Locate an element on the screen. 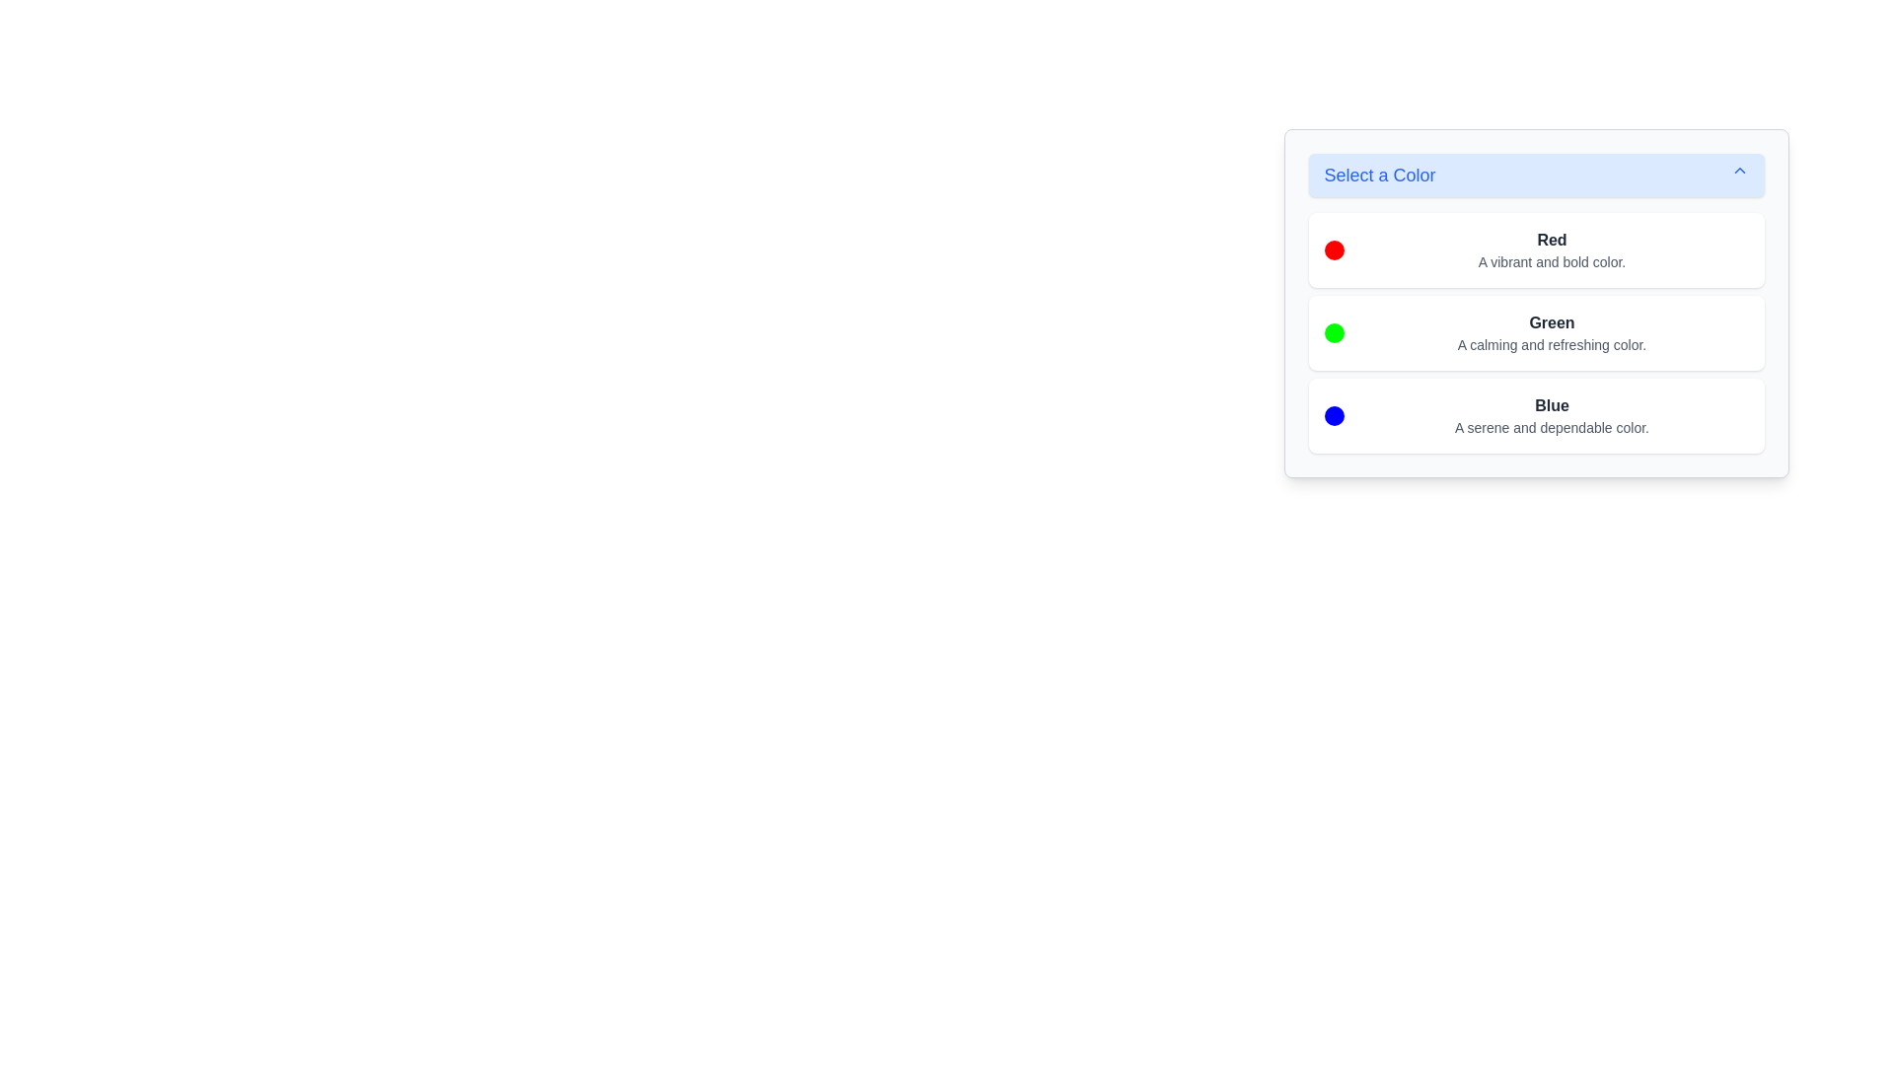  the second selectable list item labeled 'Green' is located at coordinates (1535, 332).